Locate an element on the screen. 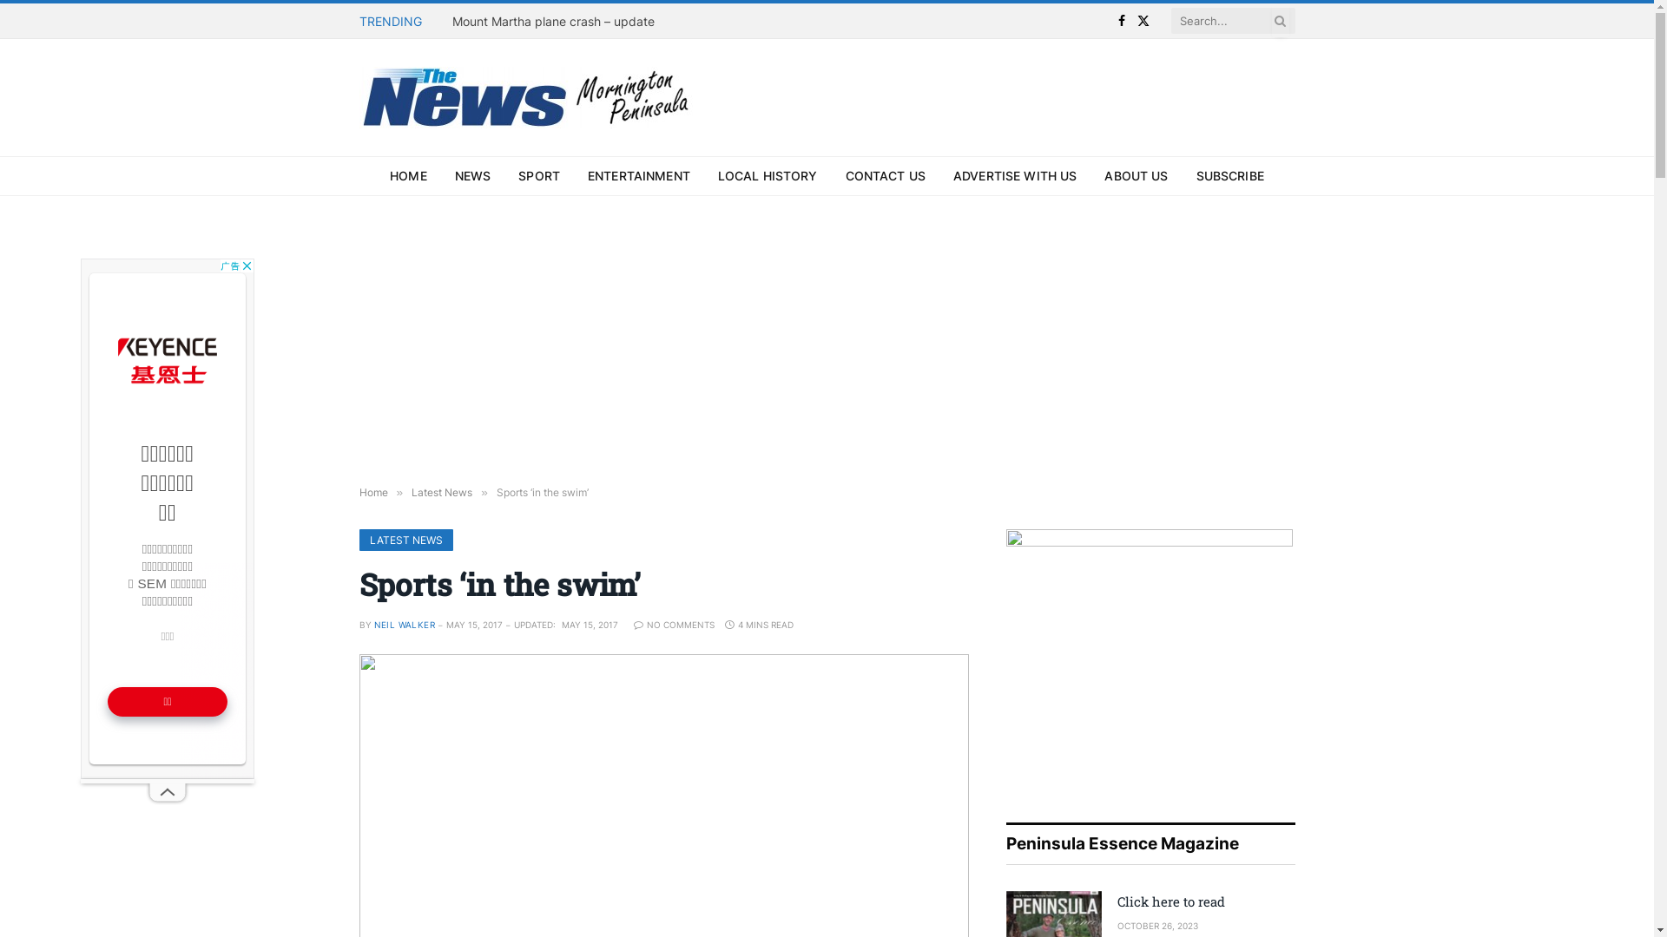 Image resolution: width=1667 pixels, height=937 pixels. 'MPNEWS' is located at coordinates (528, 97).